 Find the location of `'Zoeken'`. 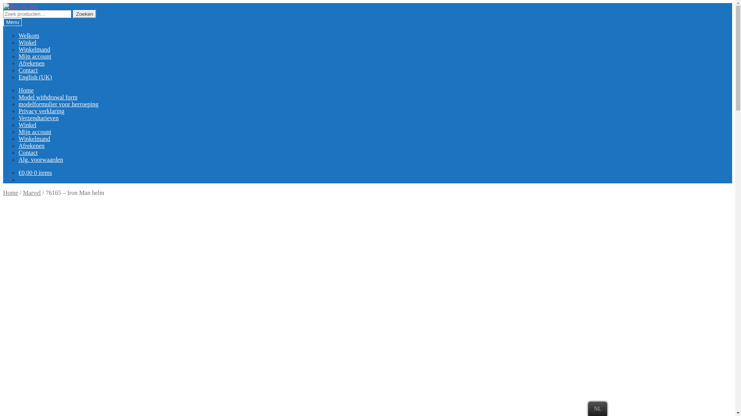

'Zoeken' is located at coordinates (85, 14).